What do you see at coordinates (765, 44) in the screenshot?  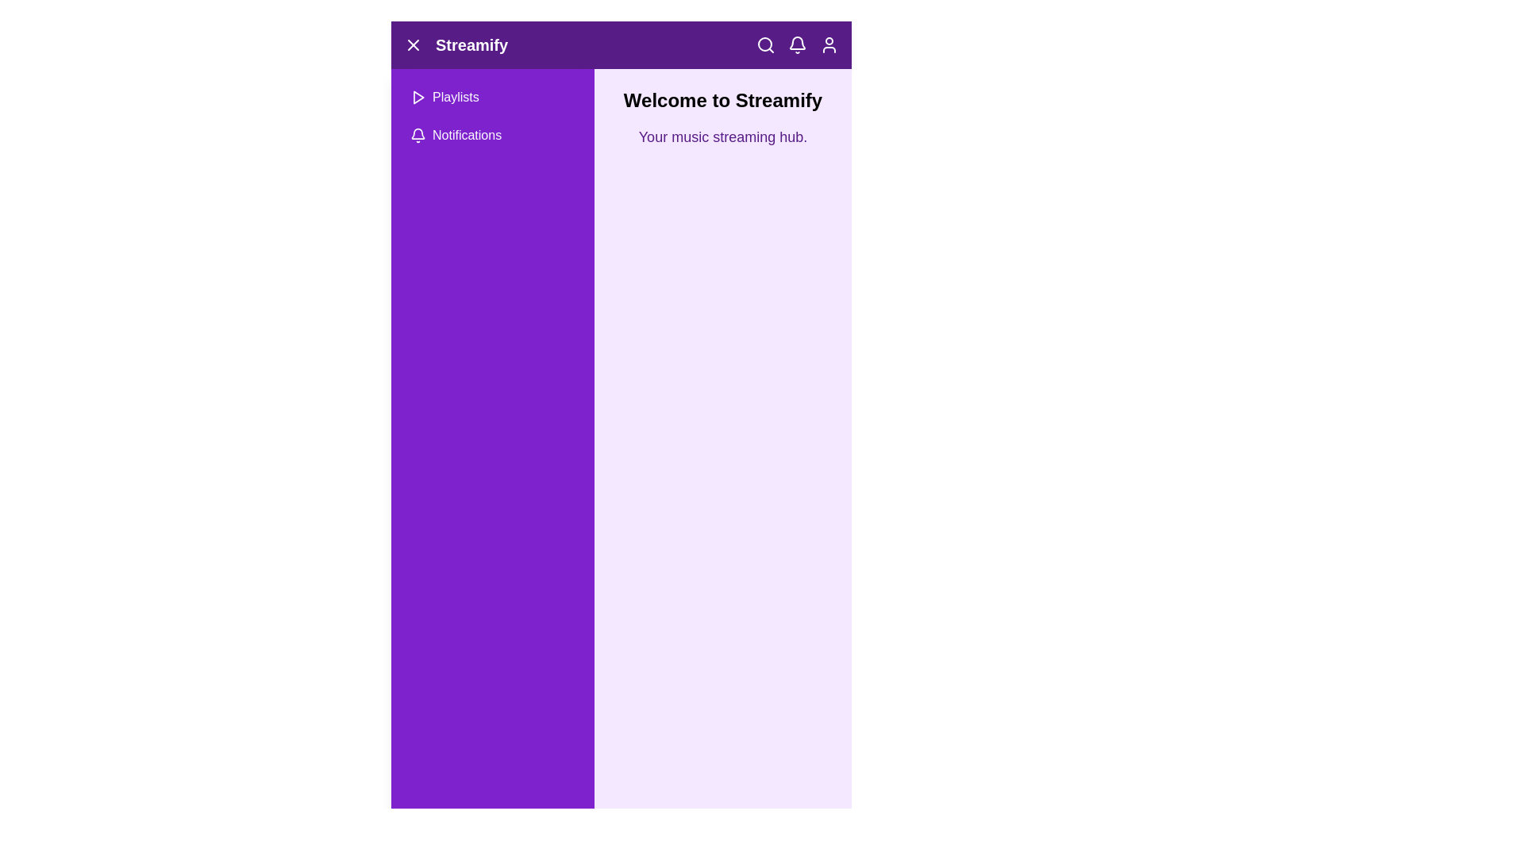 I see `the search icon (magnifying glass) located at the top-right corner of the header bar to initiate a search` at bounding box center [765, 44].